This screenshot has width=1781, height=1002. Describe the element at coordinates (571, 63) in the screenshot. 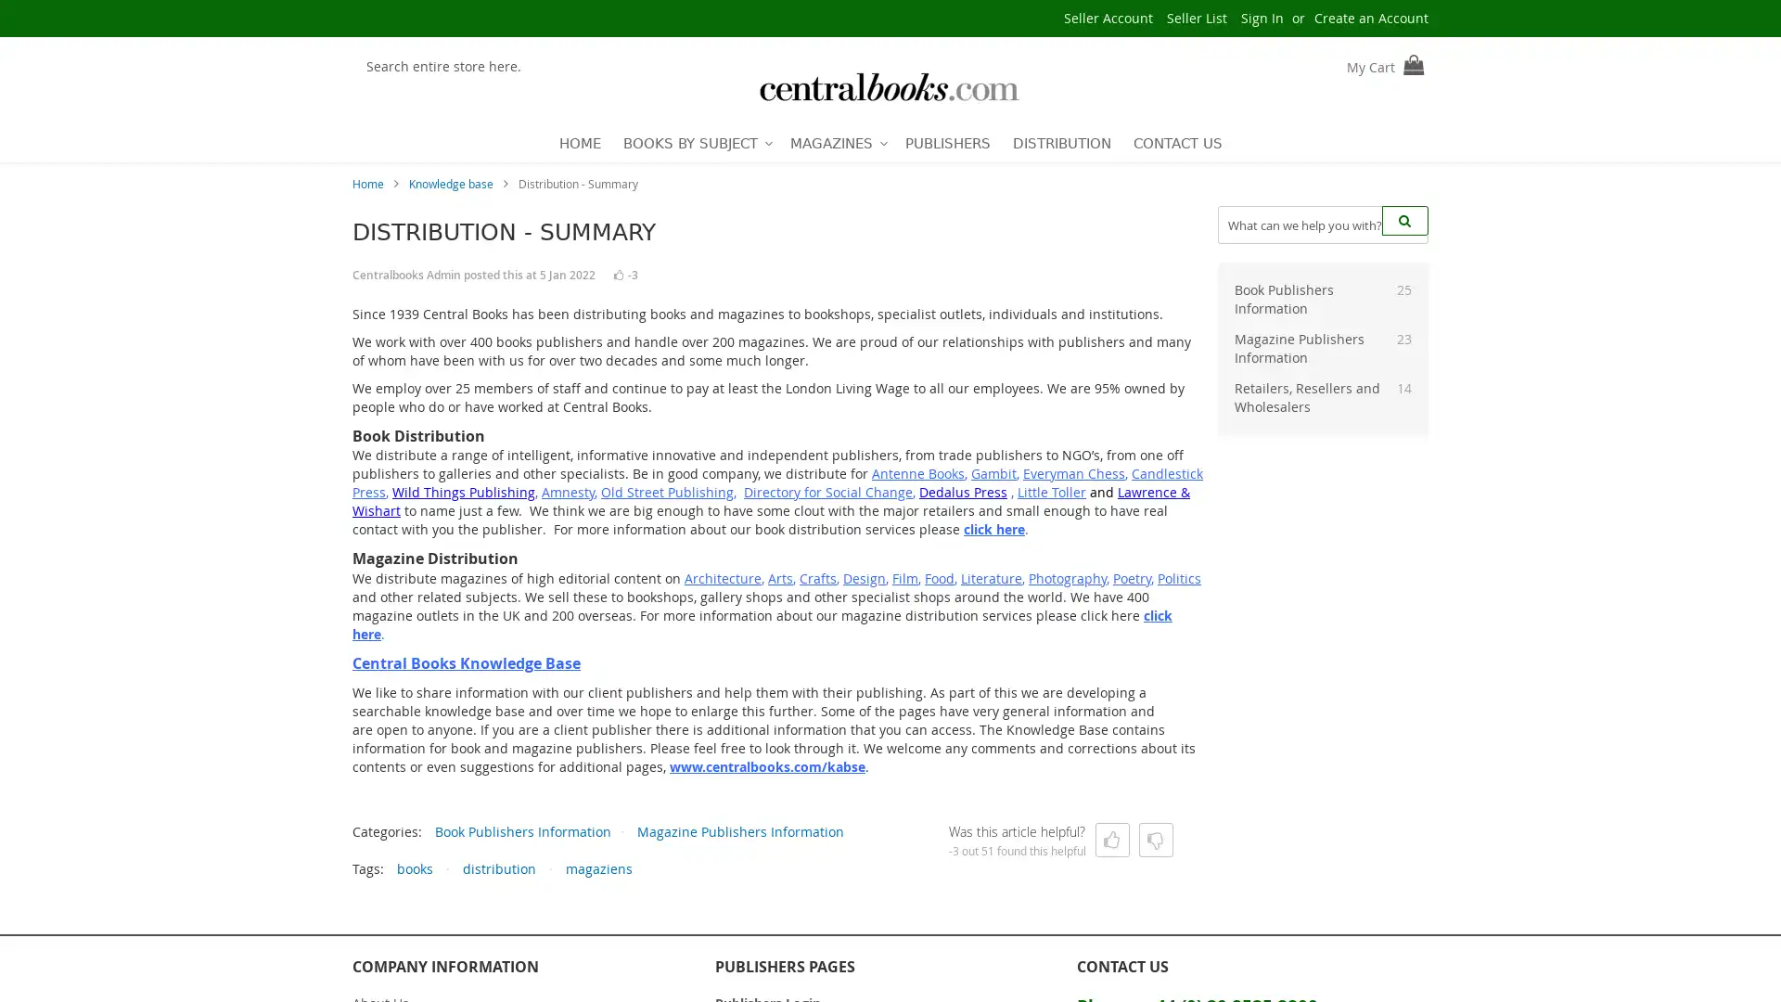

I see `Search` at that location.